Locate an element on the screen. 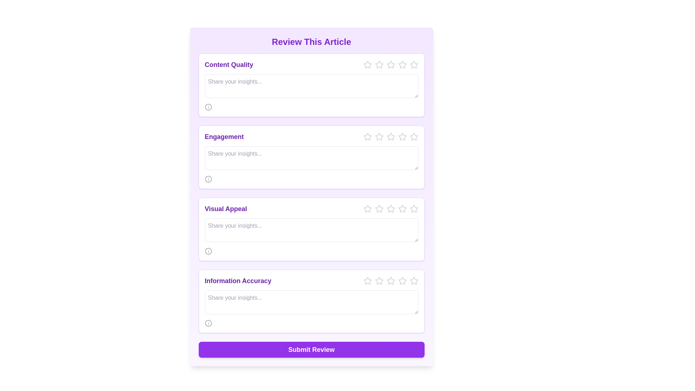  the contextual information icon located beneath the 'Content Quality' section header to gather information is located at coordinates (208, 107).